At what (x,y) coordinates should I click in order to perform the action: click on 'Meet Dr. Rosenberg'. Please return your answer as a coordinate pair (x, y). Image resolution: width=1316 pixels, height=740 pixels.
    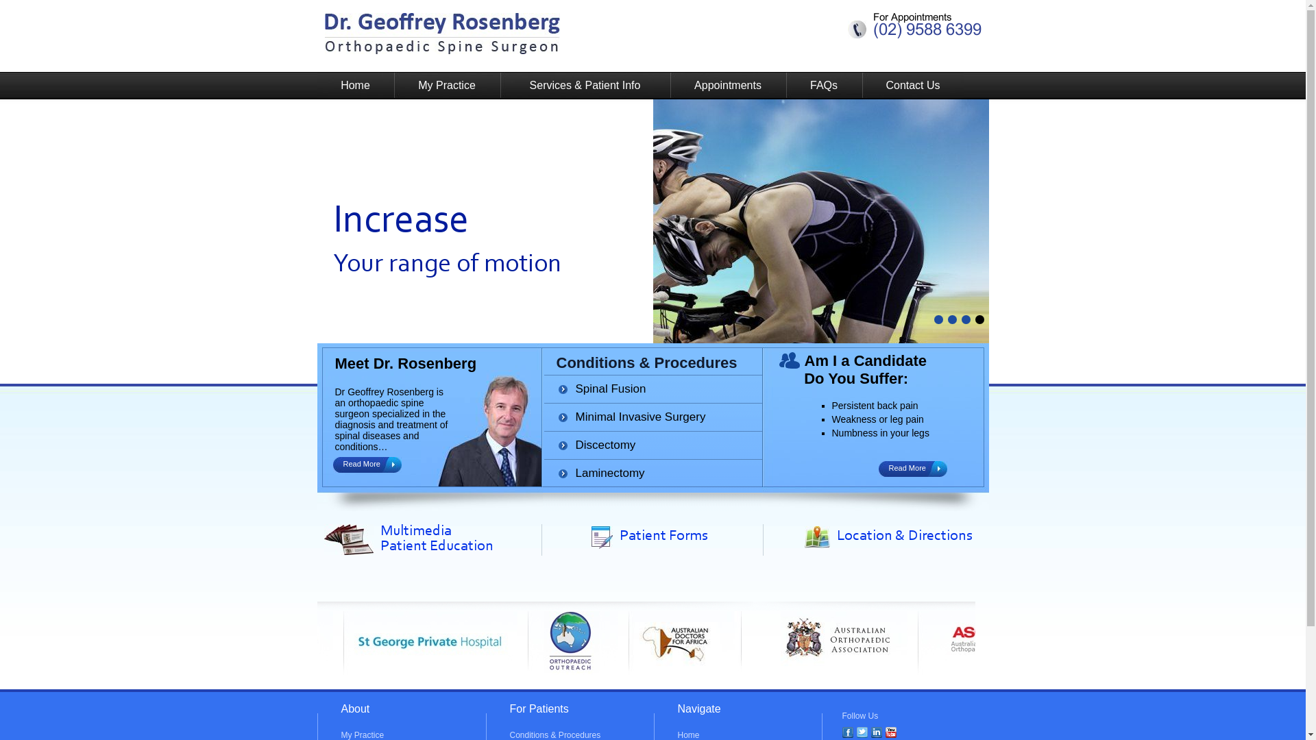
    Looking at the image, I should click on (404, 362).